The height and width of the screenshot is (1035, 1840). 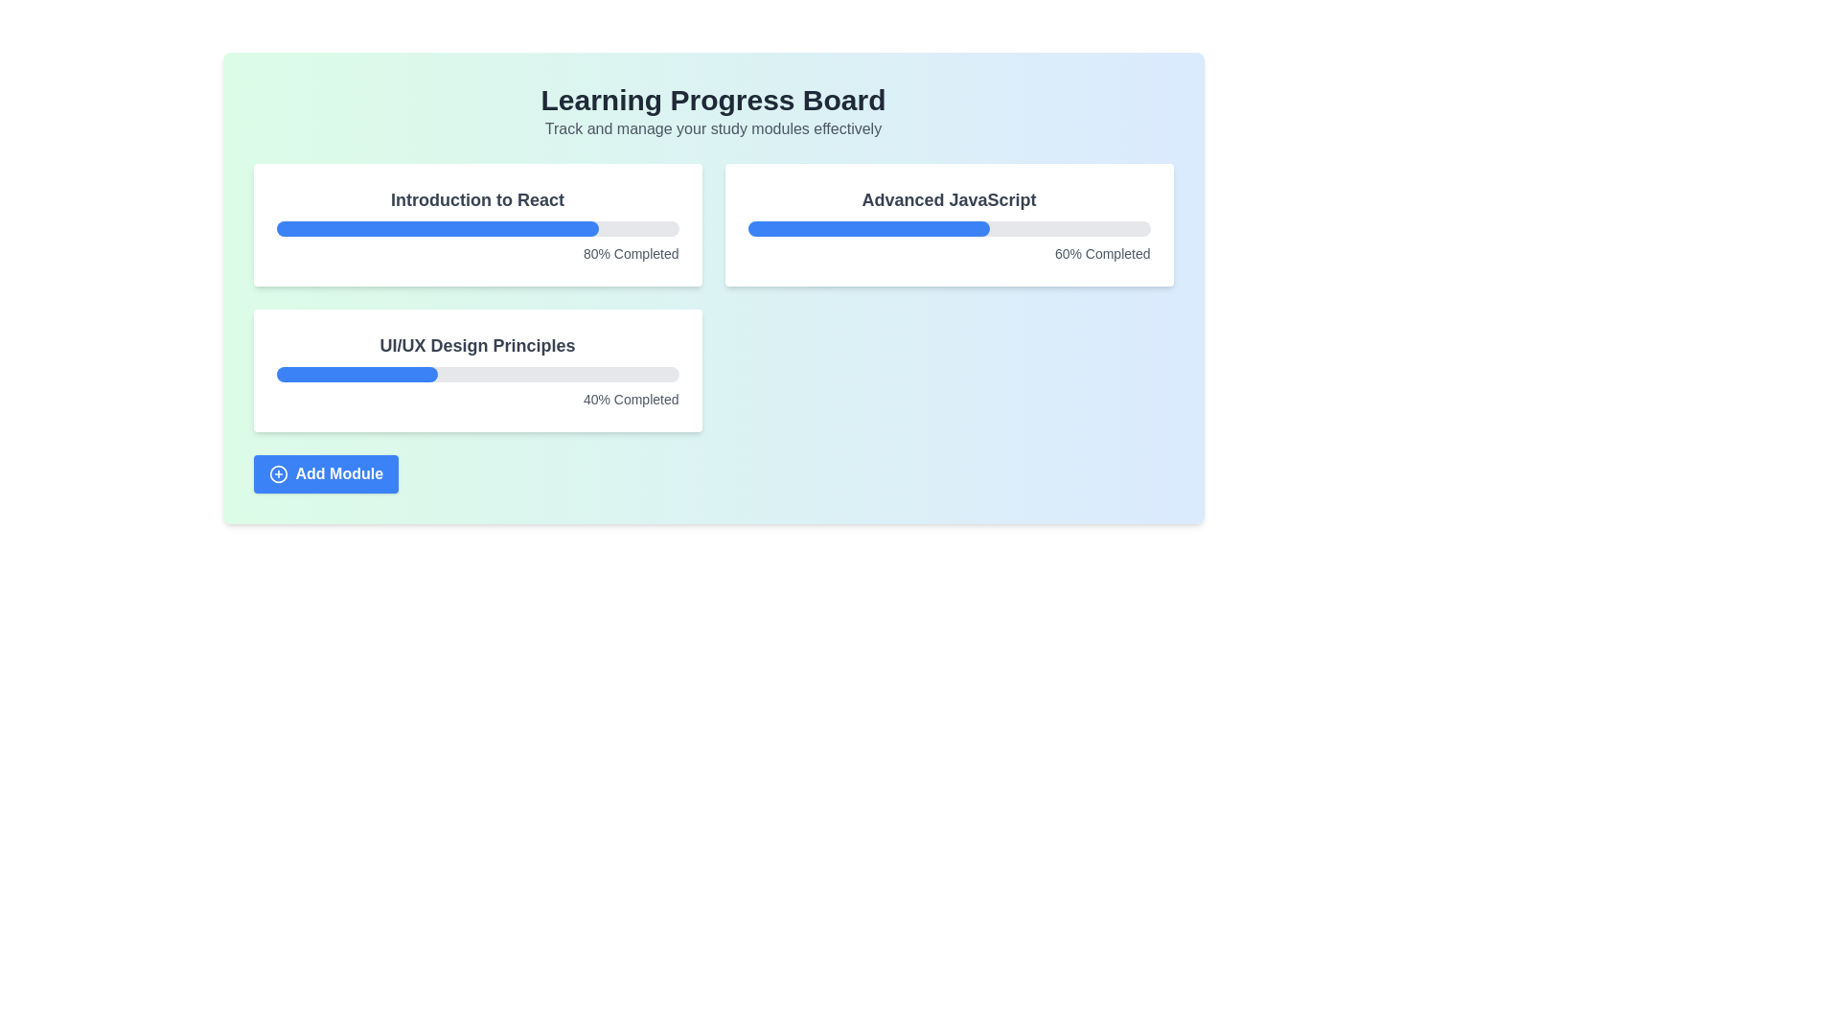 What do you see at coordinates (712, 100) in the screenshot?
I see `the header text element displaying 'Learning Progress Board', which is styled in a large bold dark gray font and positioned at the top-middle of the interface` at bounding box center [712, 100].